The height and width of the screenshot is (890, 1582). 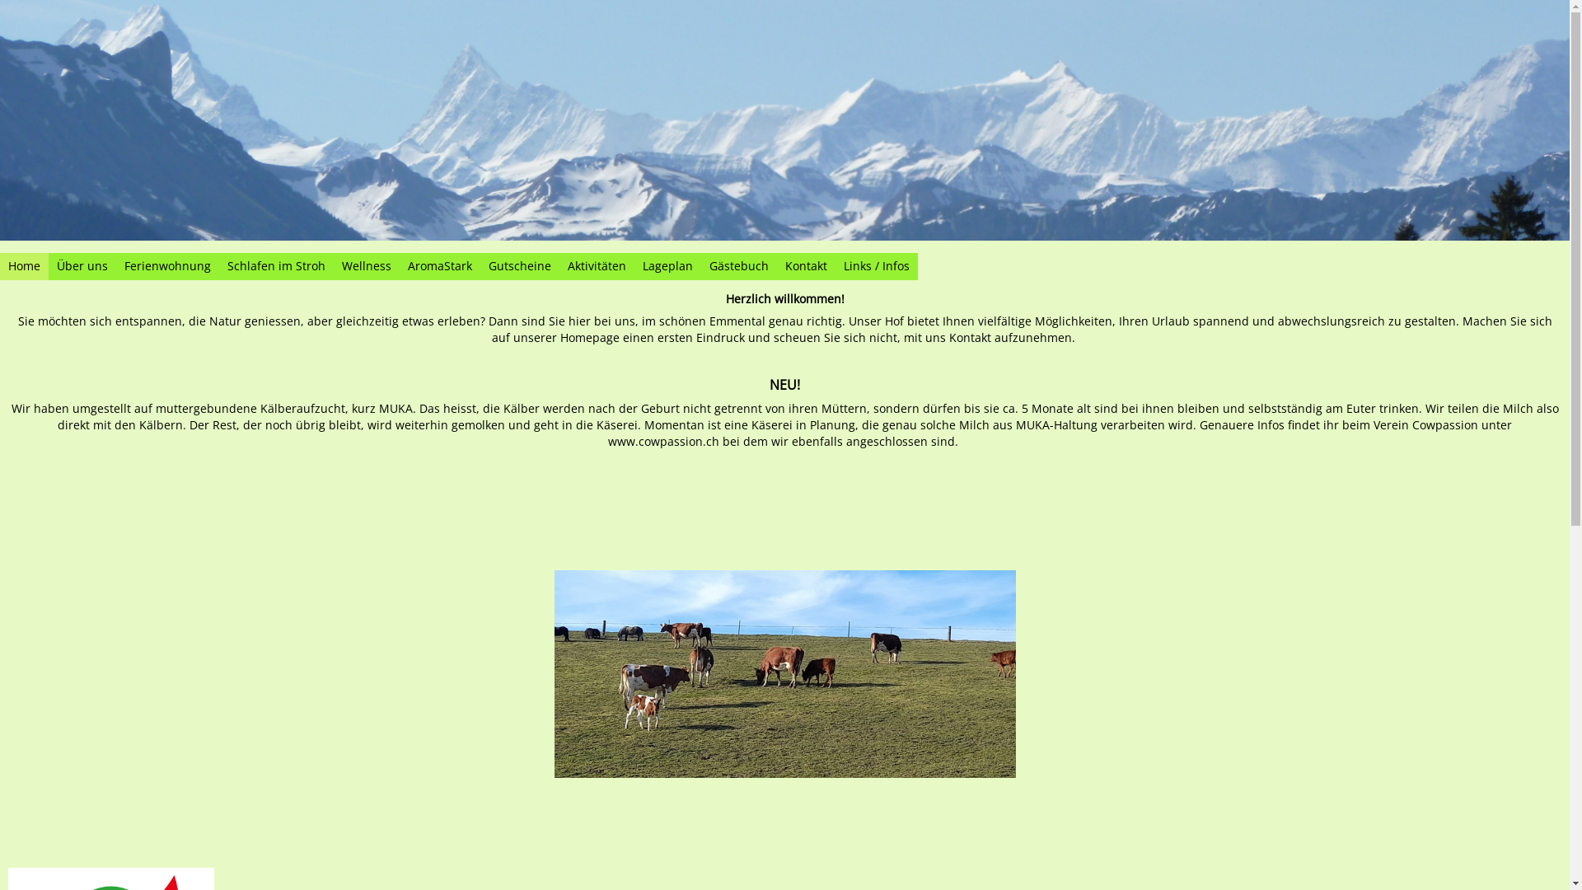 What do you see at coordinates (835, 265) in the screenshot?
I see `'Links / Infos'` at bounding box center [835, 265].